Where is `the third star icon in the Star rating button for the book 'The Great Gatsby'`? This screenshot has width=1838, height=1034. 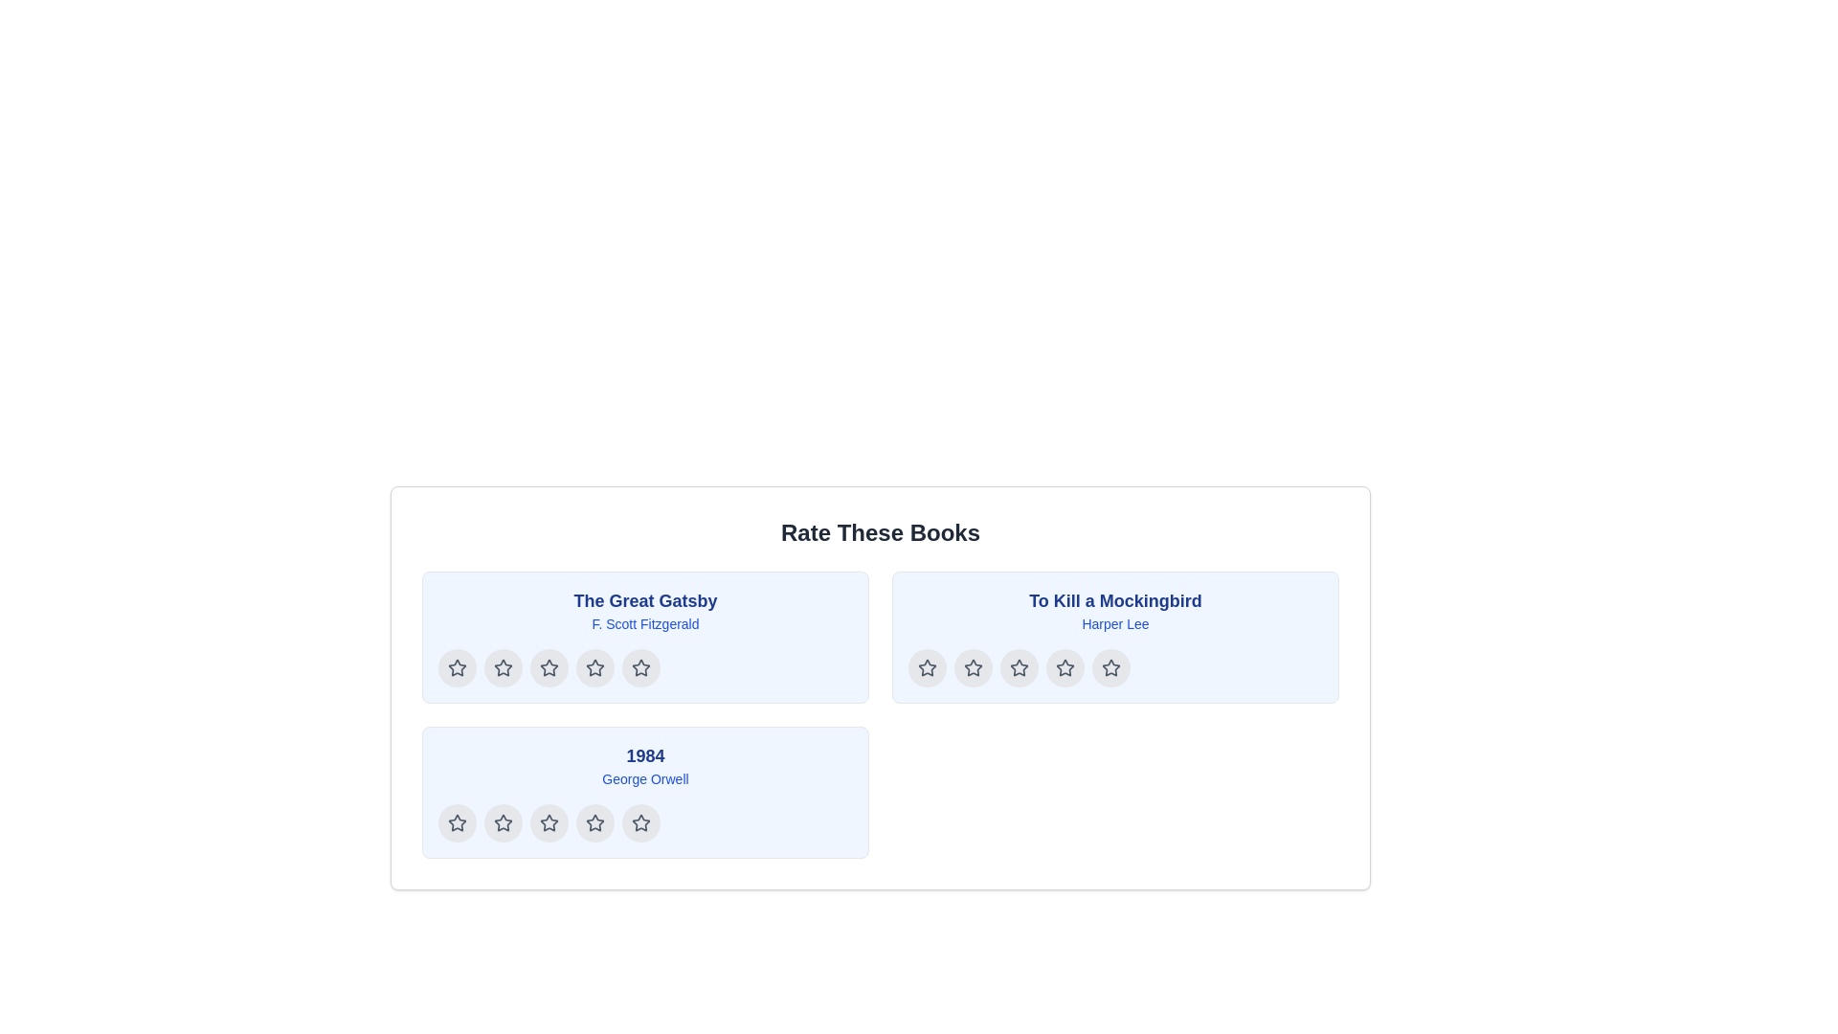 the third star icon in the Star rating button for the book 'The Great Gatsby' is located at coordinates (549, 667).